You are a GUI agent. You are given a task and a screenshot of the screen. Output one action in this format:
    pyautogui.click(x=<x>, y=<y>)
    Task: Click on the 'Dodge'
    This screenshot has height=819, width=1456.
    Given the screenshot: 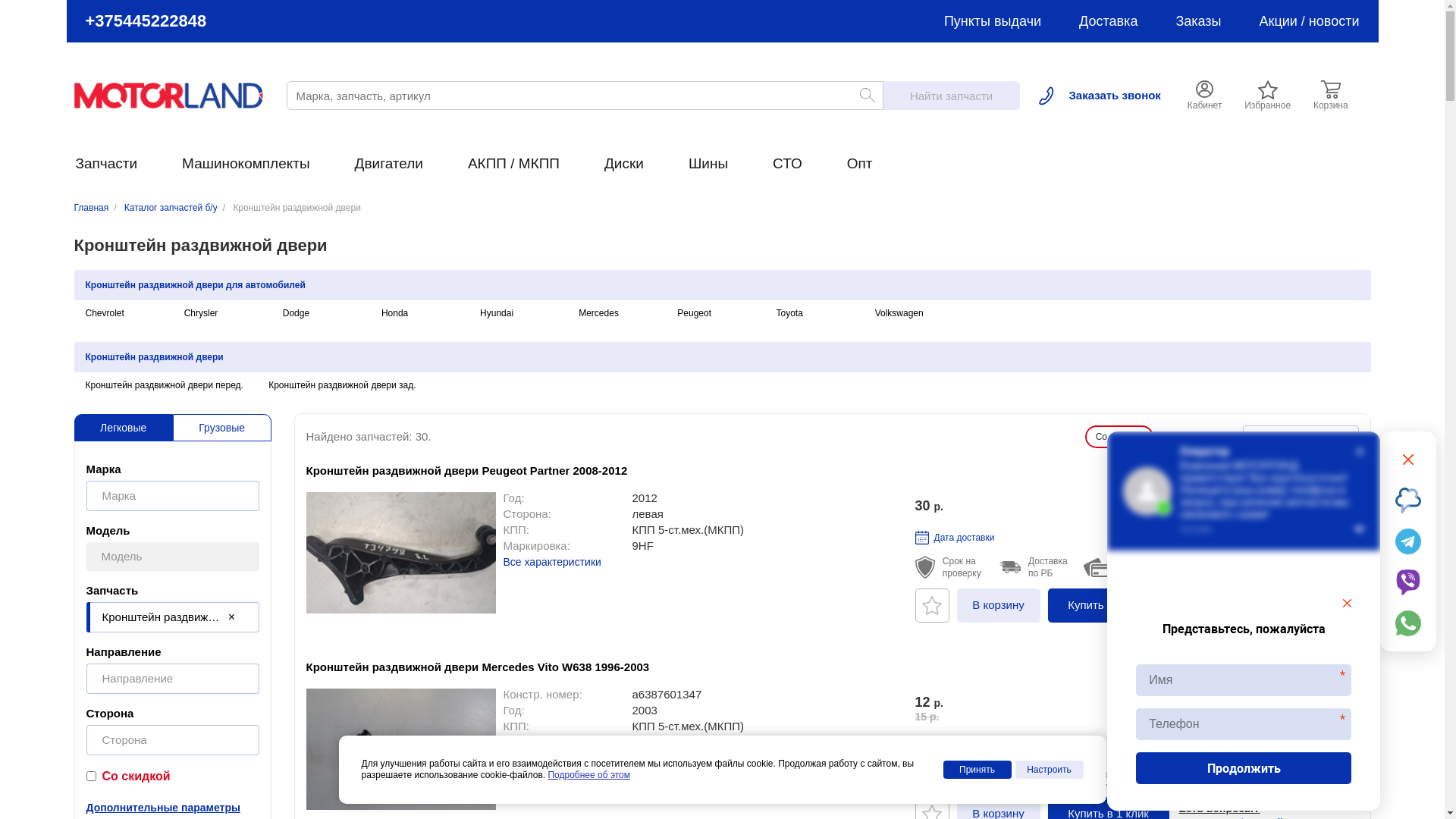 What is the action you would take?
    pyautogui.click(x=296, y=312)
    